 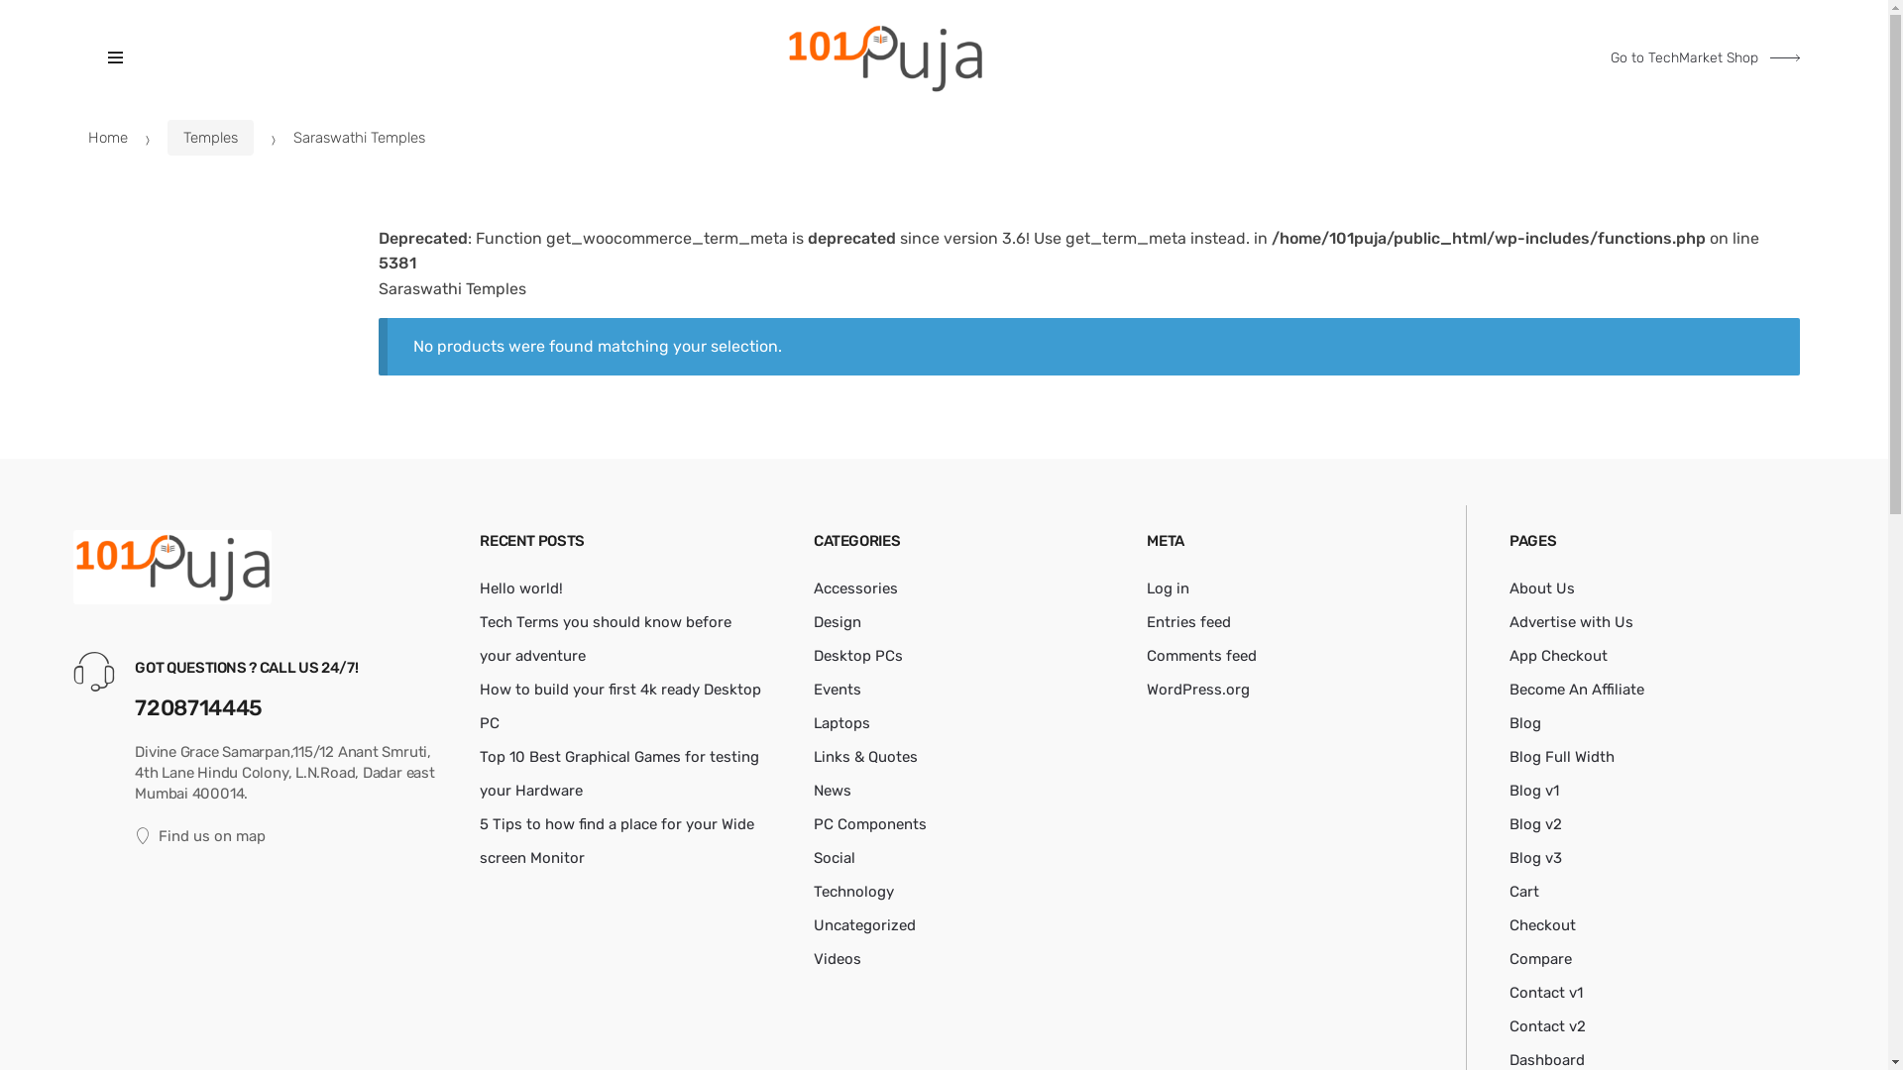 I want to click on 'How to build your first 4k ready Desktop PC', so click(x=618, y=705).